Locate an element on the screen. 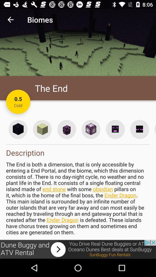 This screenshot has width=156, height=277. selection button is located at coordinates (91, 129).